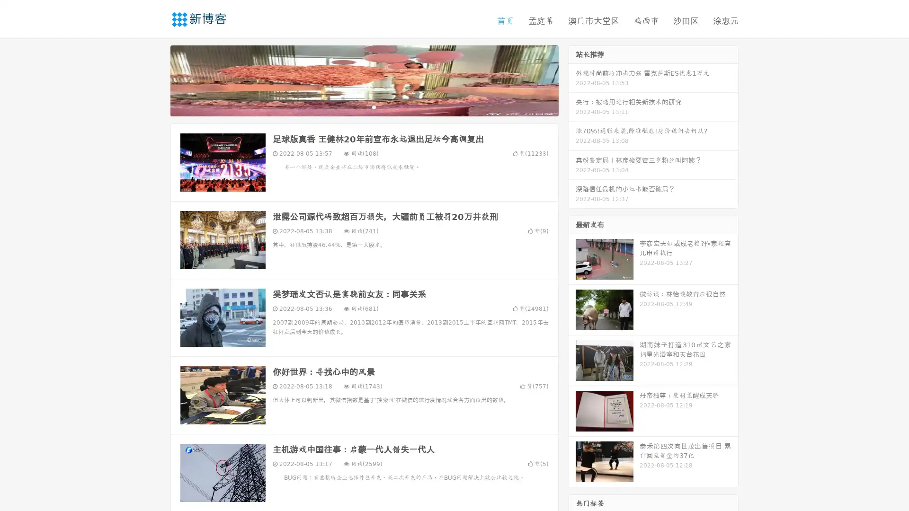  I want to click on Go to slide 1, so click(354, 106).